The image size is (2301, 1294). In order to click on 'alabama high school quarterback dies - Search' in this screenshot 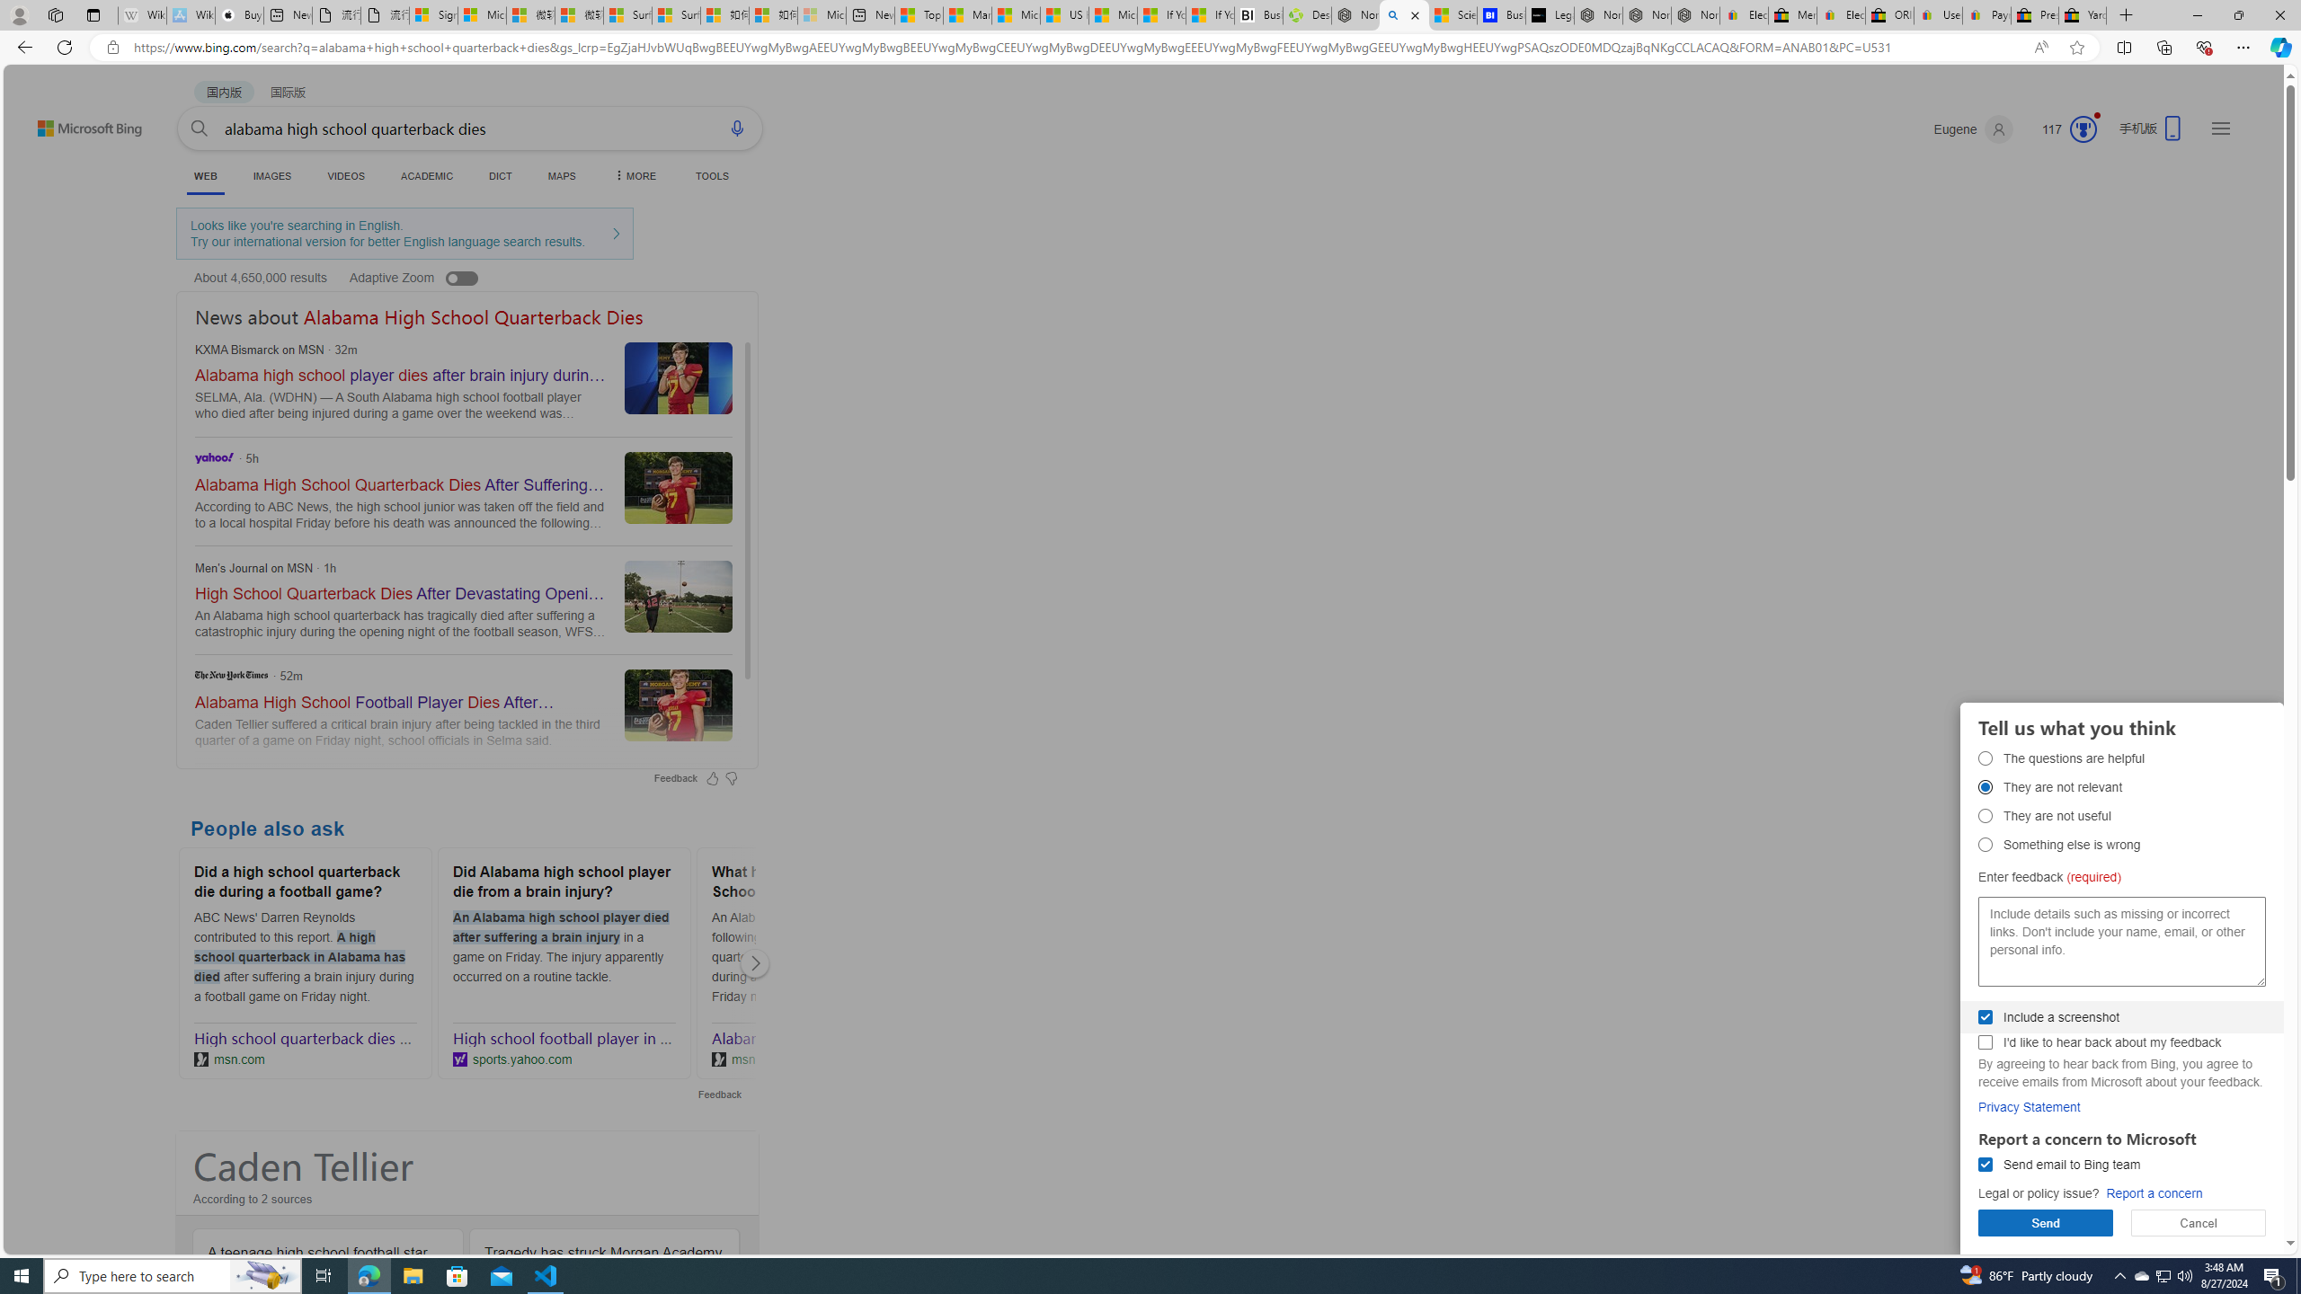, I will do `click(1403, 14)`.